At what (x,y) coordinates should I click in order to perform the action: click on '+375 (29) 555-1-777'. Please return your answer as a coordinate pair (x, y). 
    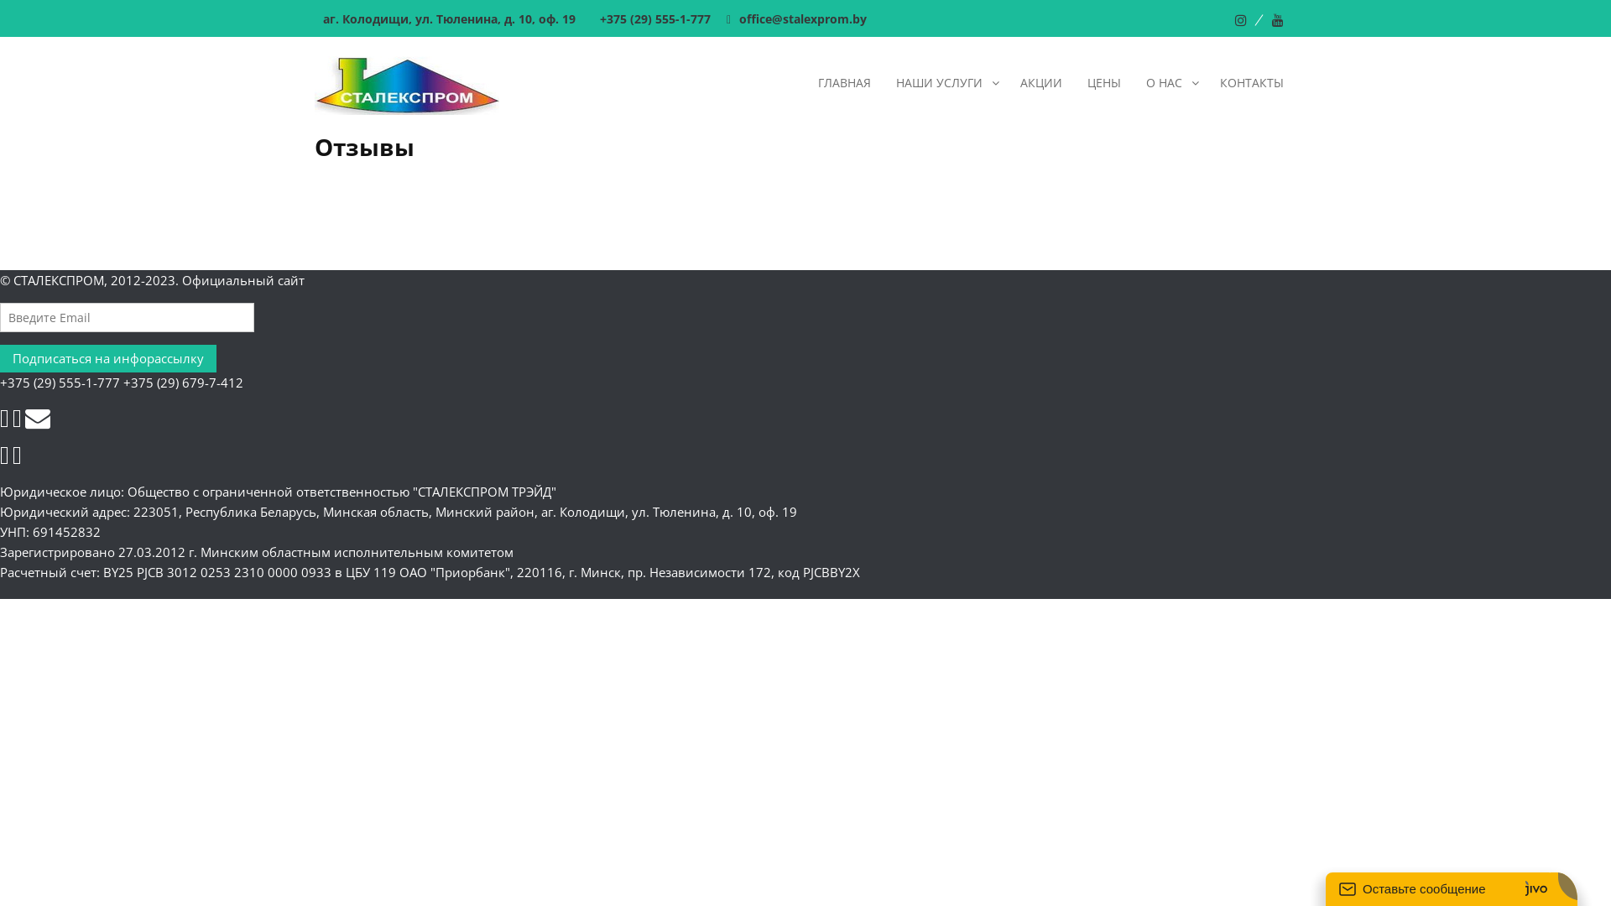
    Looking at the image, I should click on (592, 18).